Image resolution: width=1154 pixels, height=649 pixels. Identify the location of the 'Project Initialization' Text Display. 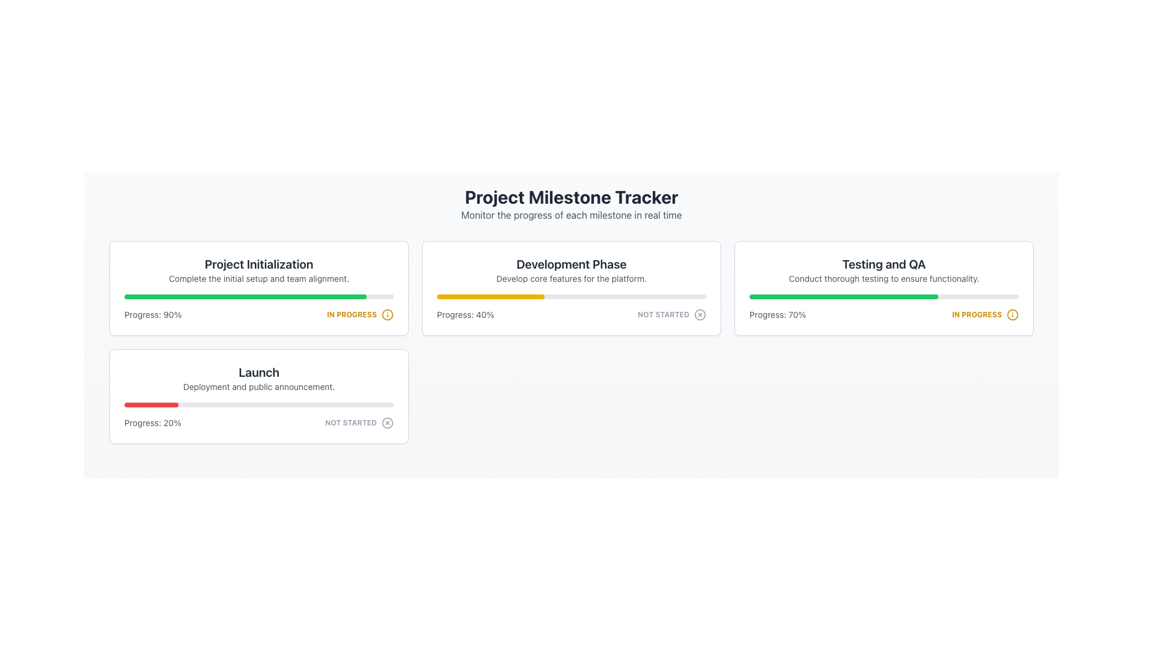
(258, 270).